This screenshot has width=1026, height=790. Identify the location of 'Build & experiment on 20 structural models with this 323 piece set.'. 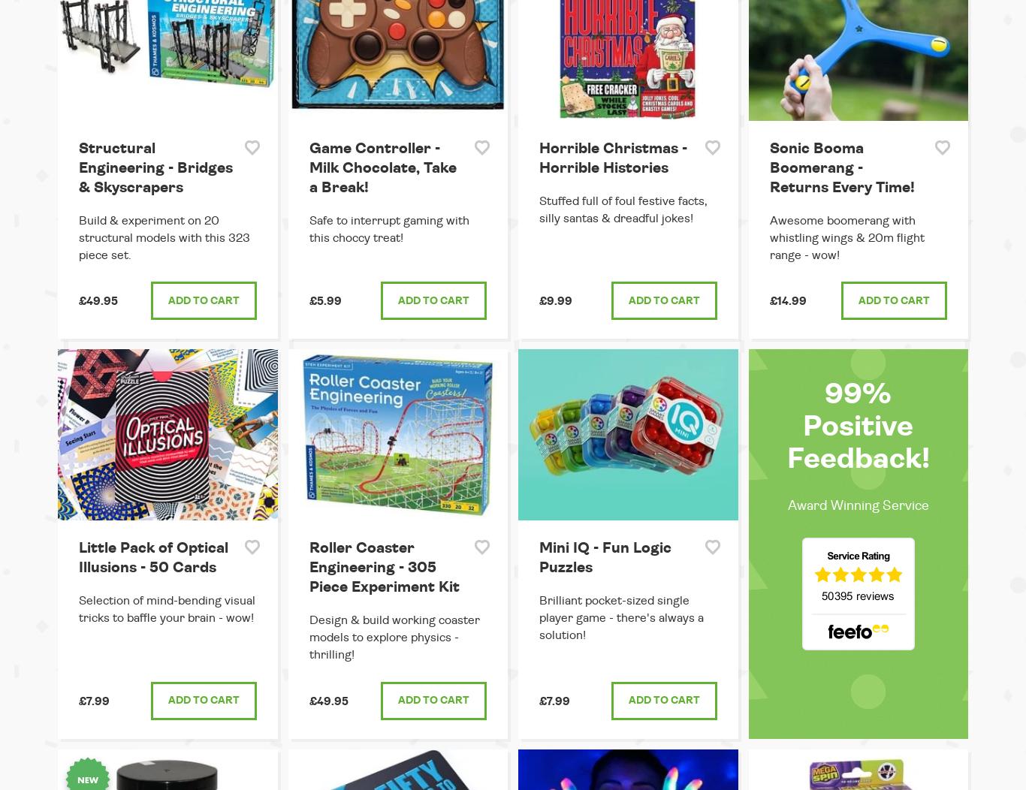
(163, 237).